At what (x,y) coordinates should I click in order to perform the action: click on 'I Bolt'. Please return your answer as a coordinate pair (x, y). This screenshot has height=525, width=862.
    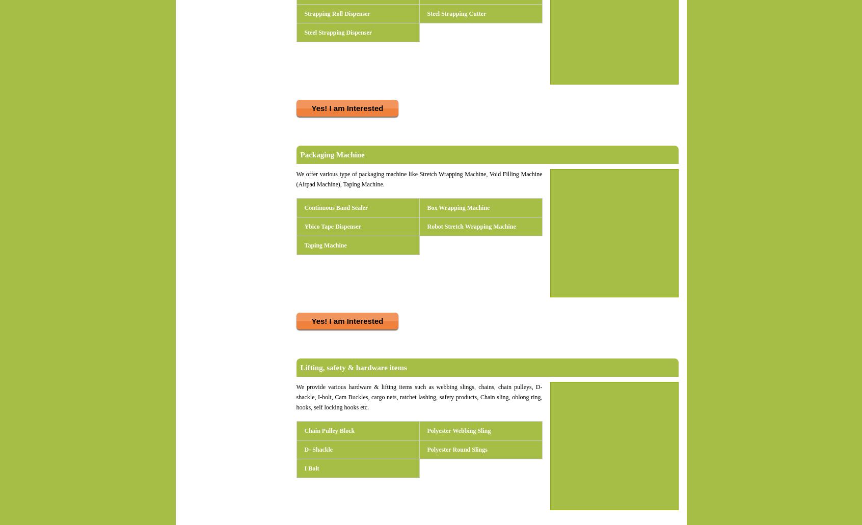
    Looking at the image, I should click on (311, 468).